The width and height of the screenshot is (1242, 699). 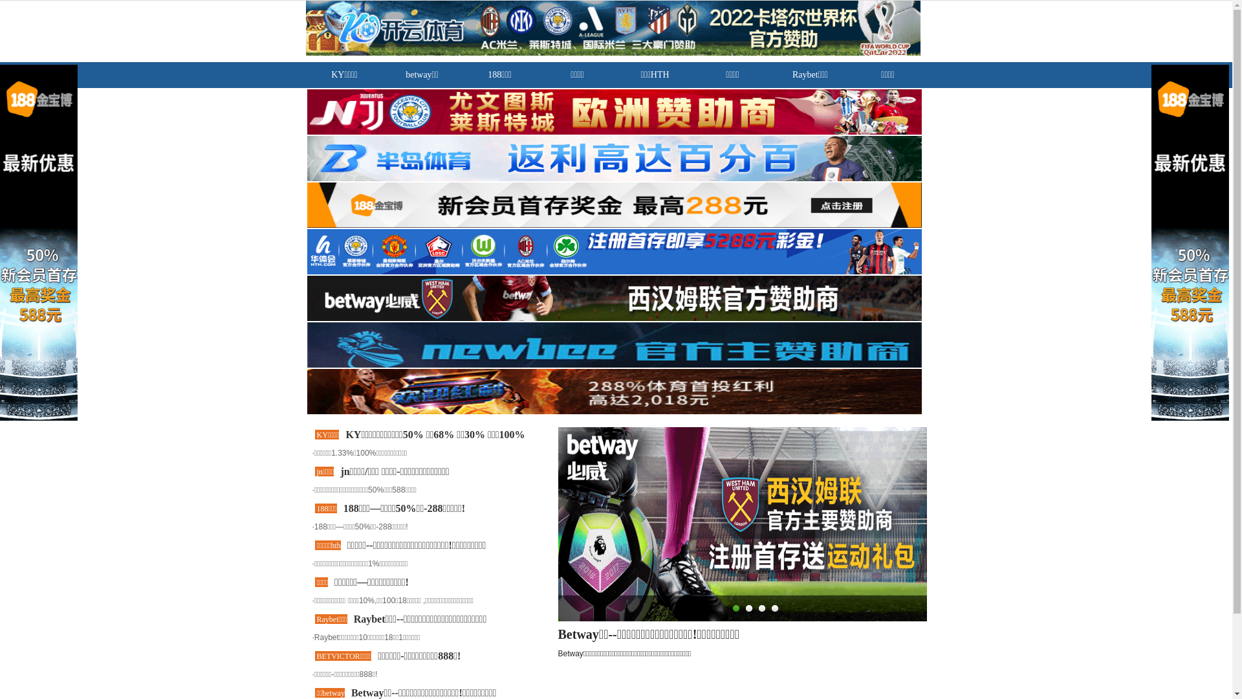 What do you see at coordinates (0, 0) in the screenshot?
I see `'Skip to content'` at bounding box center [0, 0].